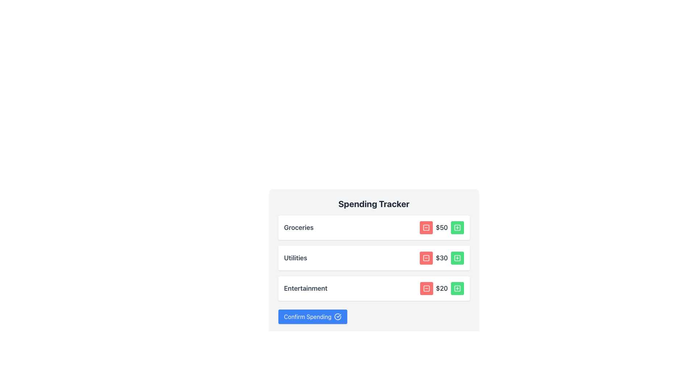 This screenshot has height=391, width=696. What do you see at coordinates (426, 227) in the screenshot?
I see `the red square minus button located in the Spending Tracker interface, which is positioned to the right of the 'Groceries' label and to the left of the '$50' amount` at bounding box center [426, 227].